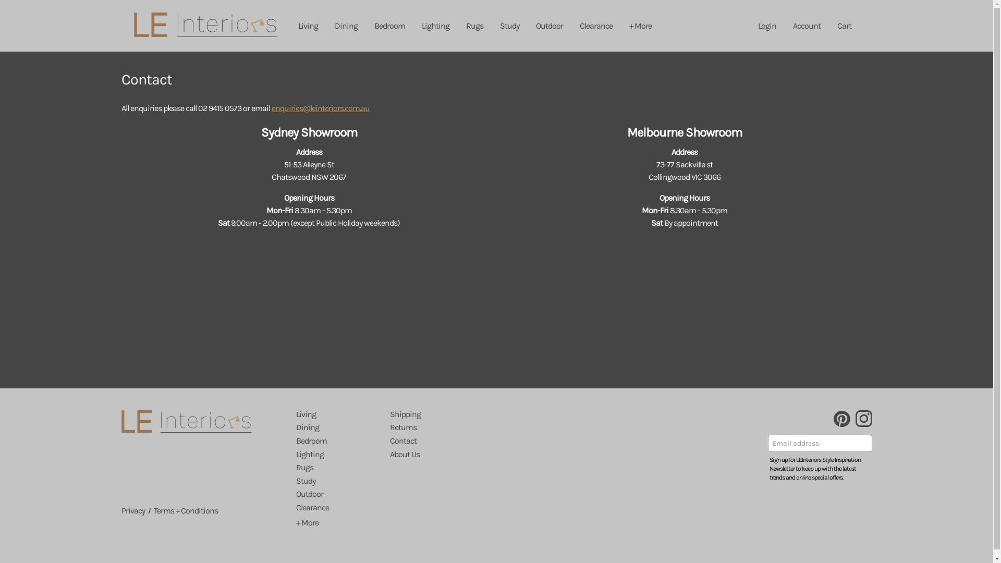 The image size is (1001, 563). Describe the element at coordinates (305, 481) in the screenshot. I see `'Study'` at that location.